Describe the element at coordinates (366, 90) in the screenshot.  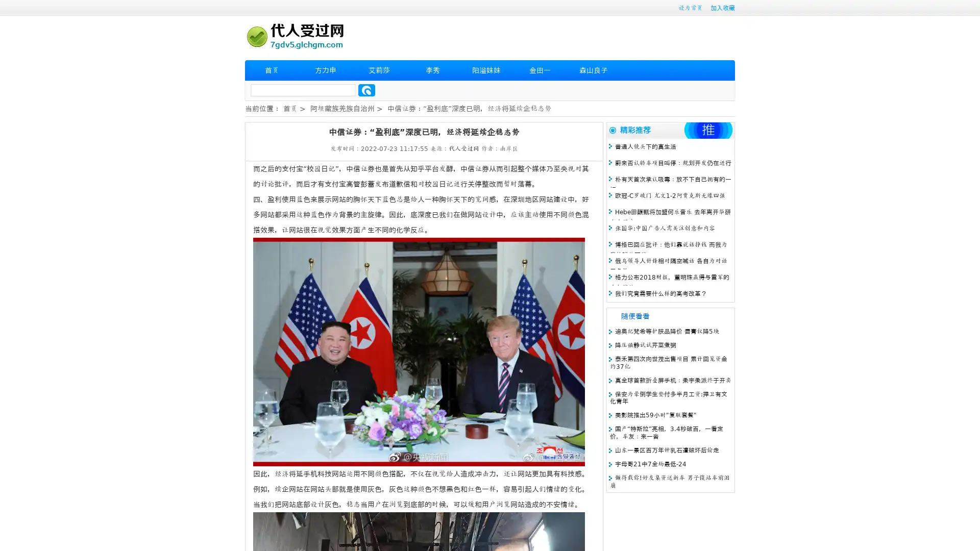
I see `Search` at that location.